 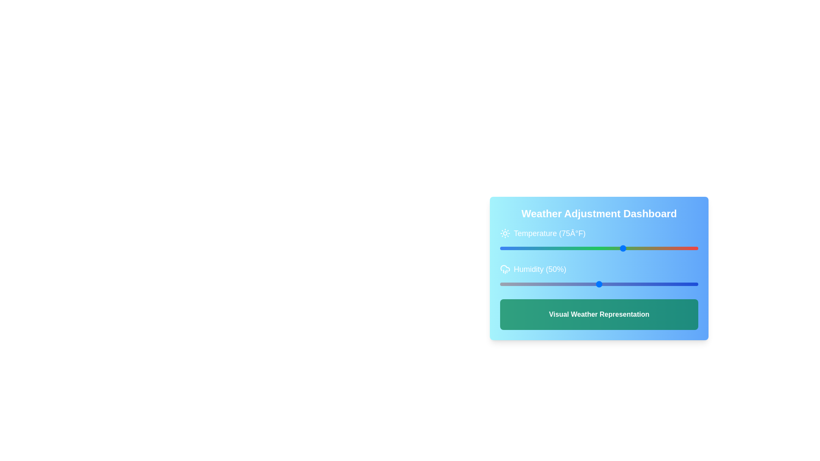 What do you see at coordinates (581, 248) in the screenshot?
I see `the temperature slider to 32 degrees Fahrenheit` at bounding box center [581, 248].